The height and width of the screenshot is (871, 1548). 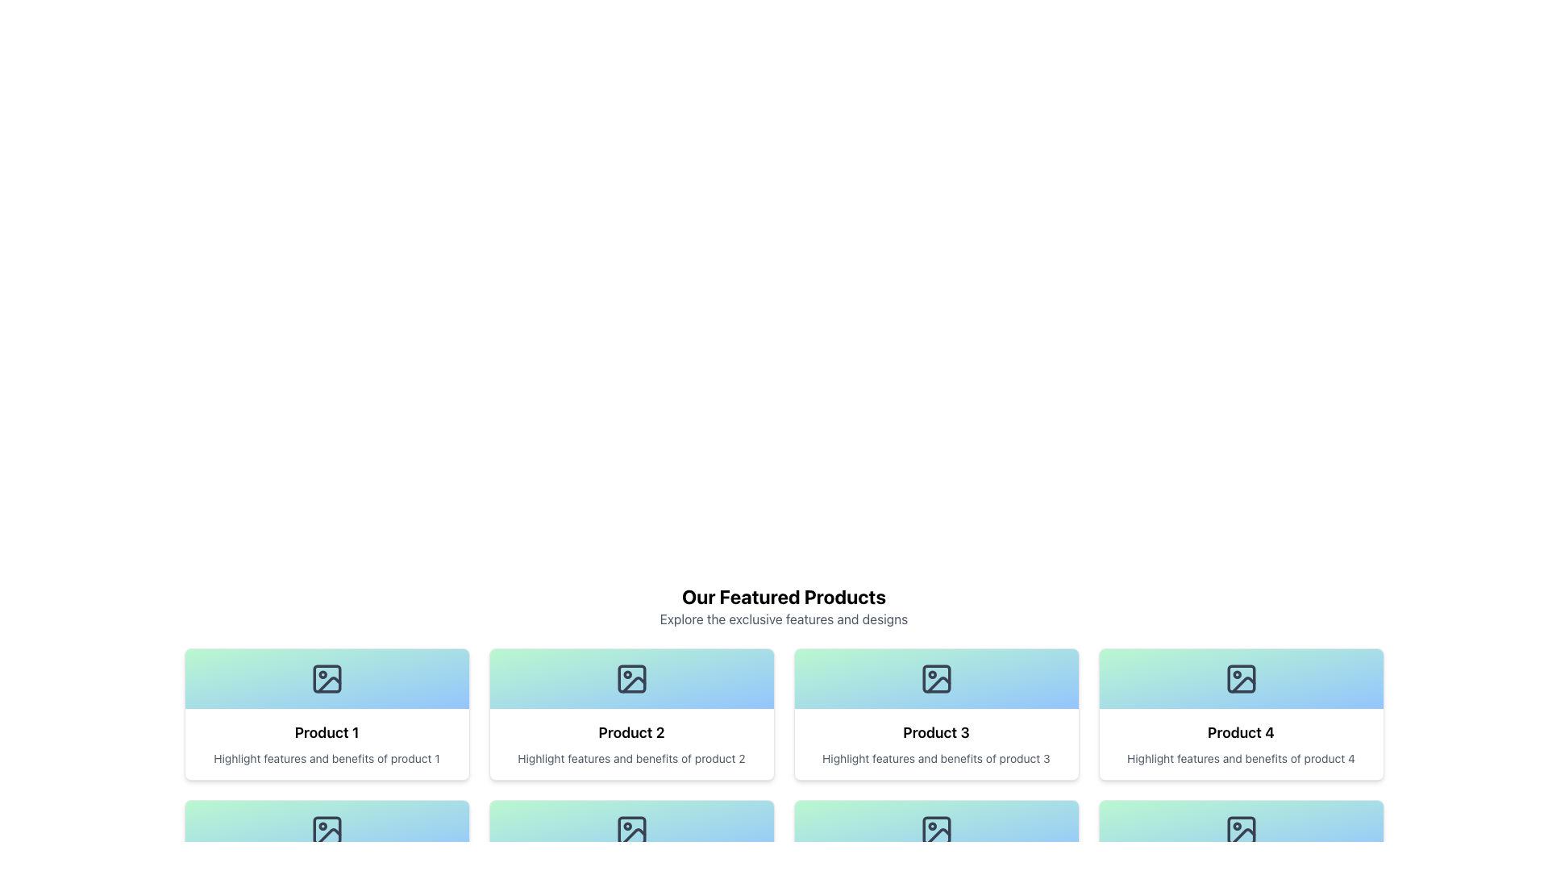 I want to click on the text label that says 'Highlight features and benefits of product 1', which is styled with gray, small-sized text and positioned directly below the 'Product 1' heading in the first product card, so click(x=326, y=759).